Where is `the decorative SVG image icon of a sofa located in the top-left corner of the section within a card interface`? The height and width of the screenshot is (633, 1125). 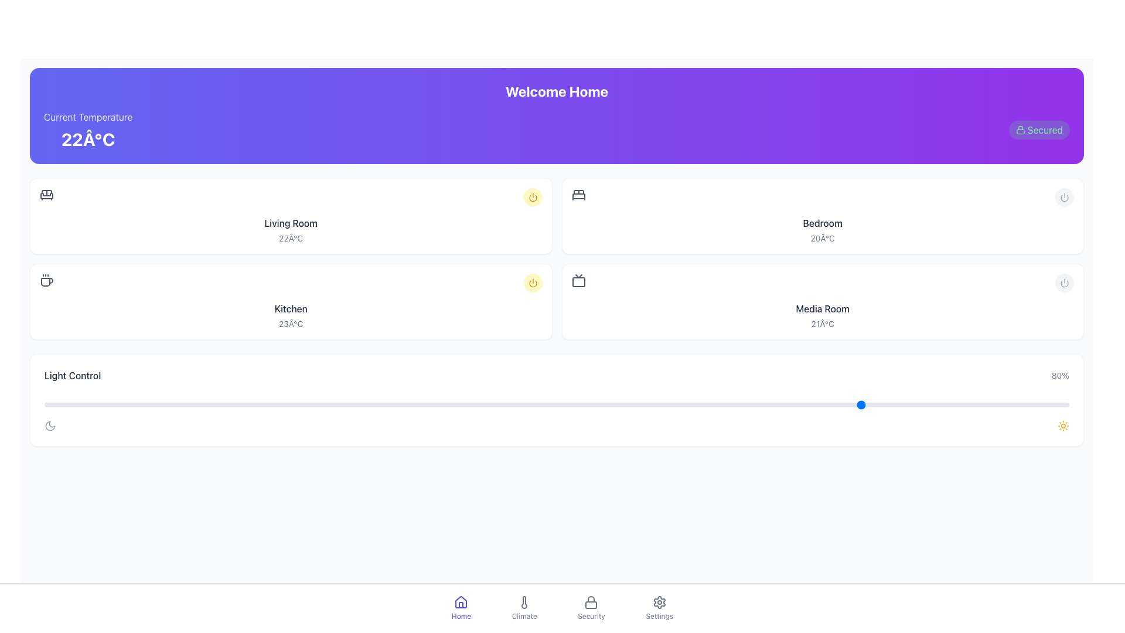 the decorative SVG image icon of a sofa located in the top-left corner of the section within a card interface is located at coordinates (47, 194).